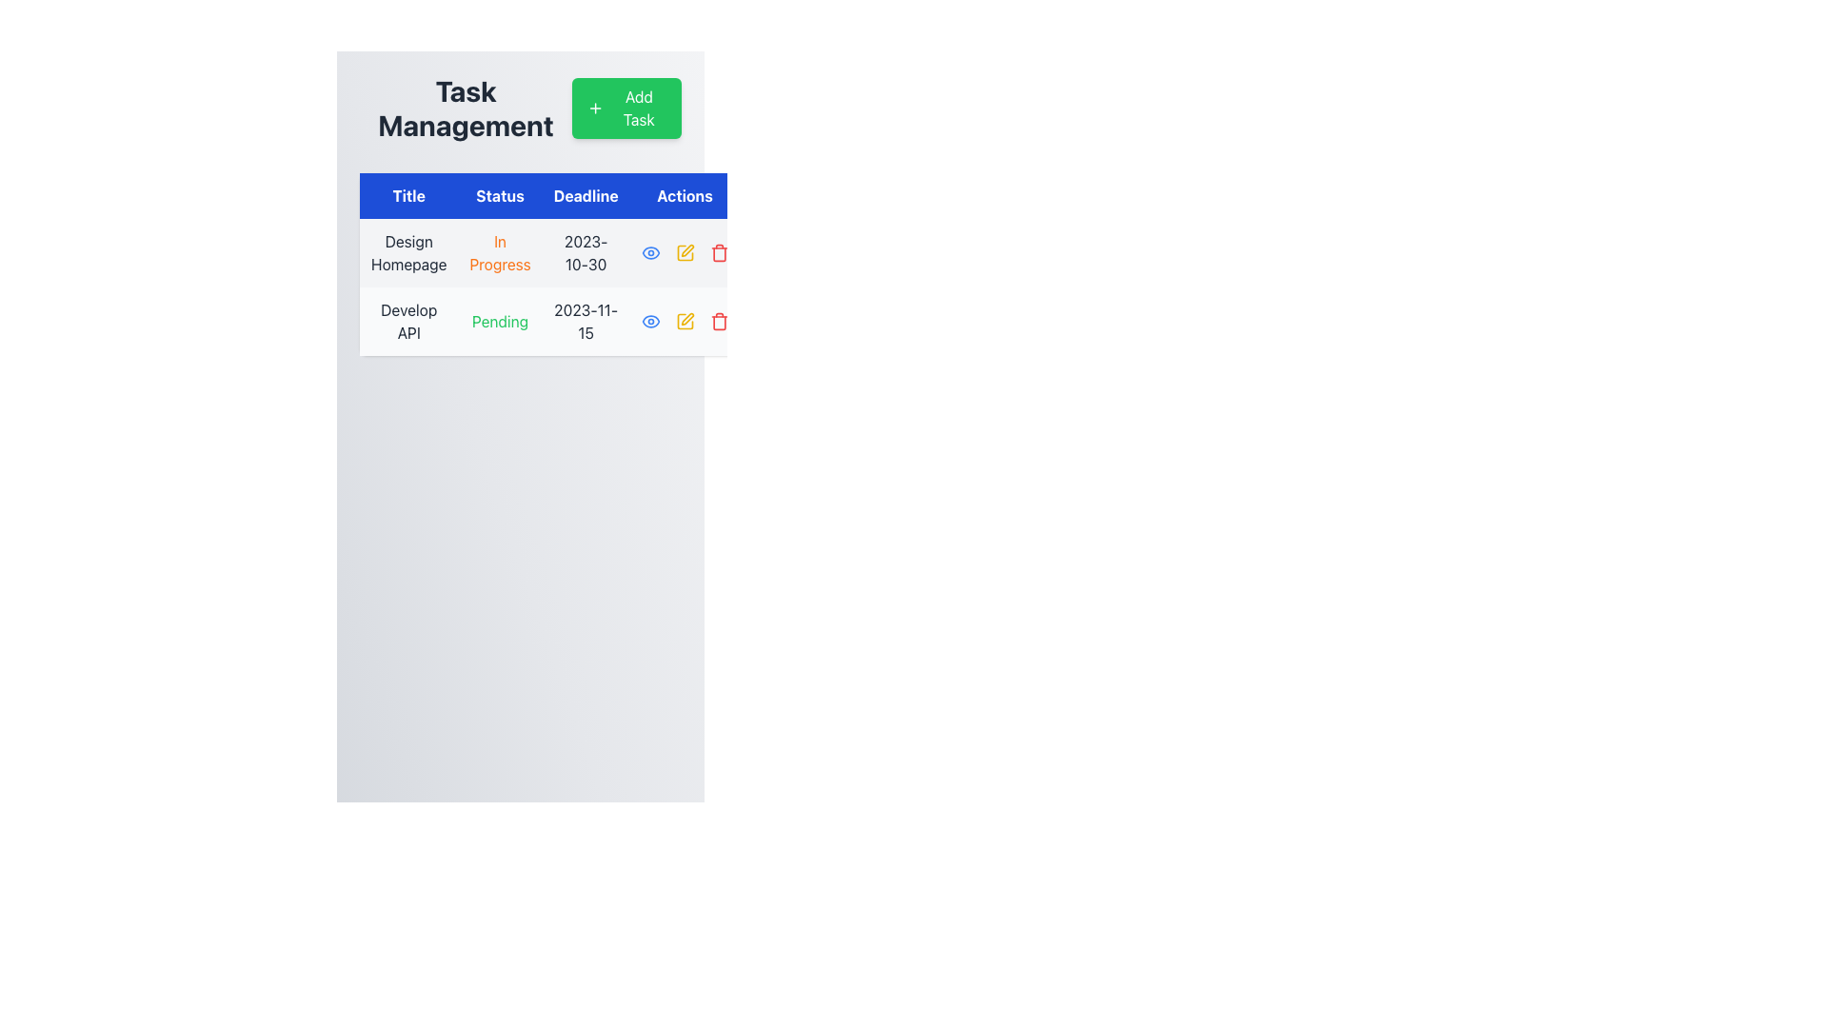 This screenshot has width=1828, height=1028. I want to click on deadline date displayed in the text label located in the 'Deadline' column of the first row in the Task Management table, positioned to the right of the 'Status' column that shows 'In Progress', so click(585, 252).